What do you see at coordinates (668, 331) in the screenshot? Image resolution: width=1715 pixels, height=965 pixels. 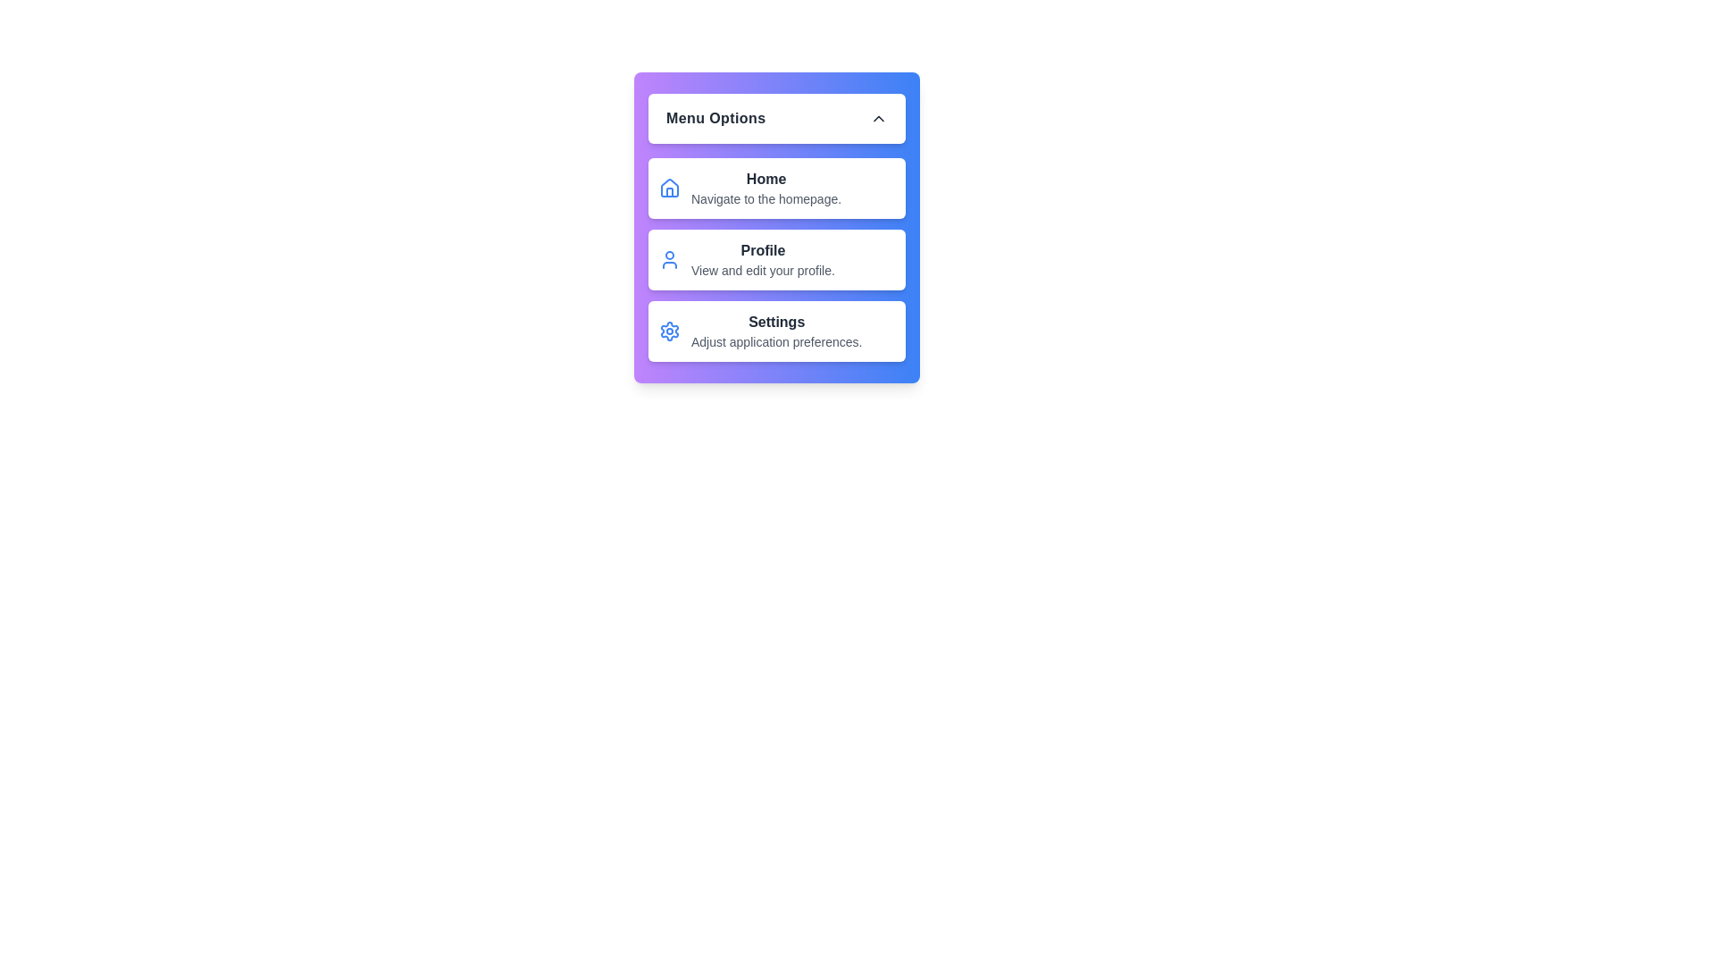 I see `the icon corresponding to the menu option Settings` at bounding box center [668, 331].